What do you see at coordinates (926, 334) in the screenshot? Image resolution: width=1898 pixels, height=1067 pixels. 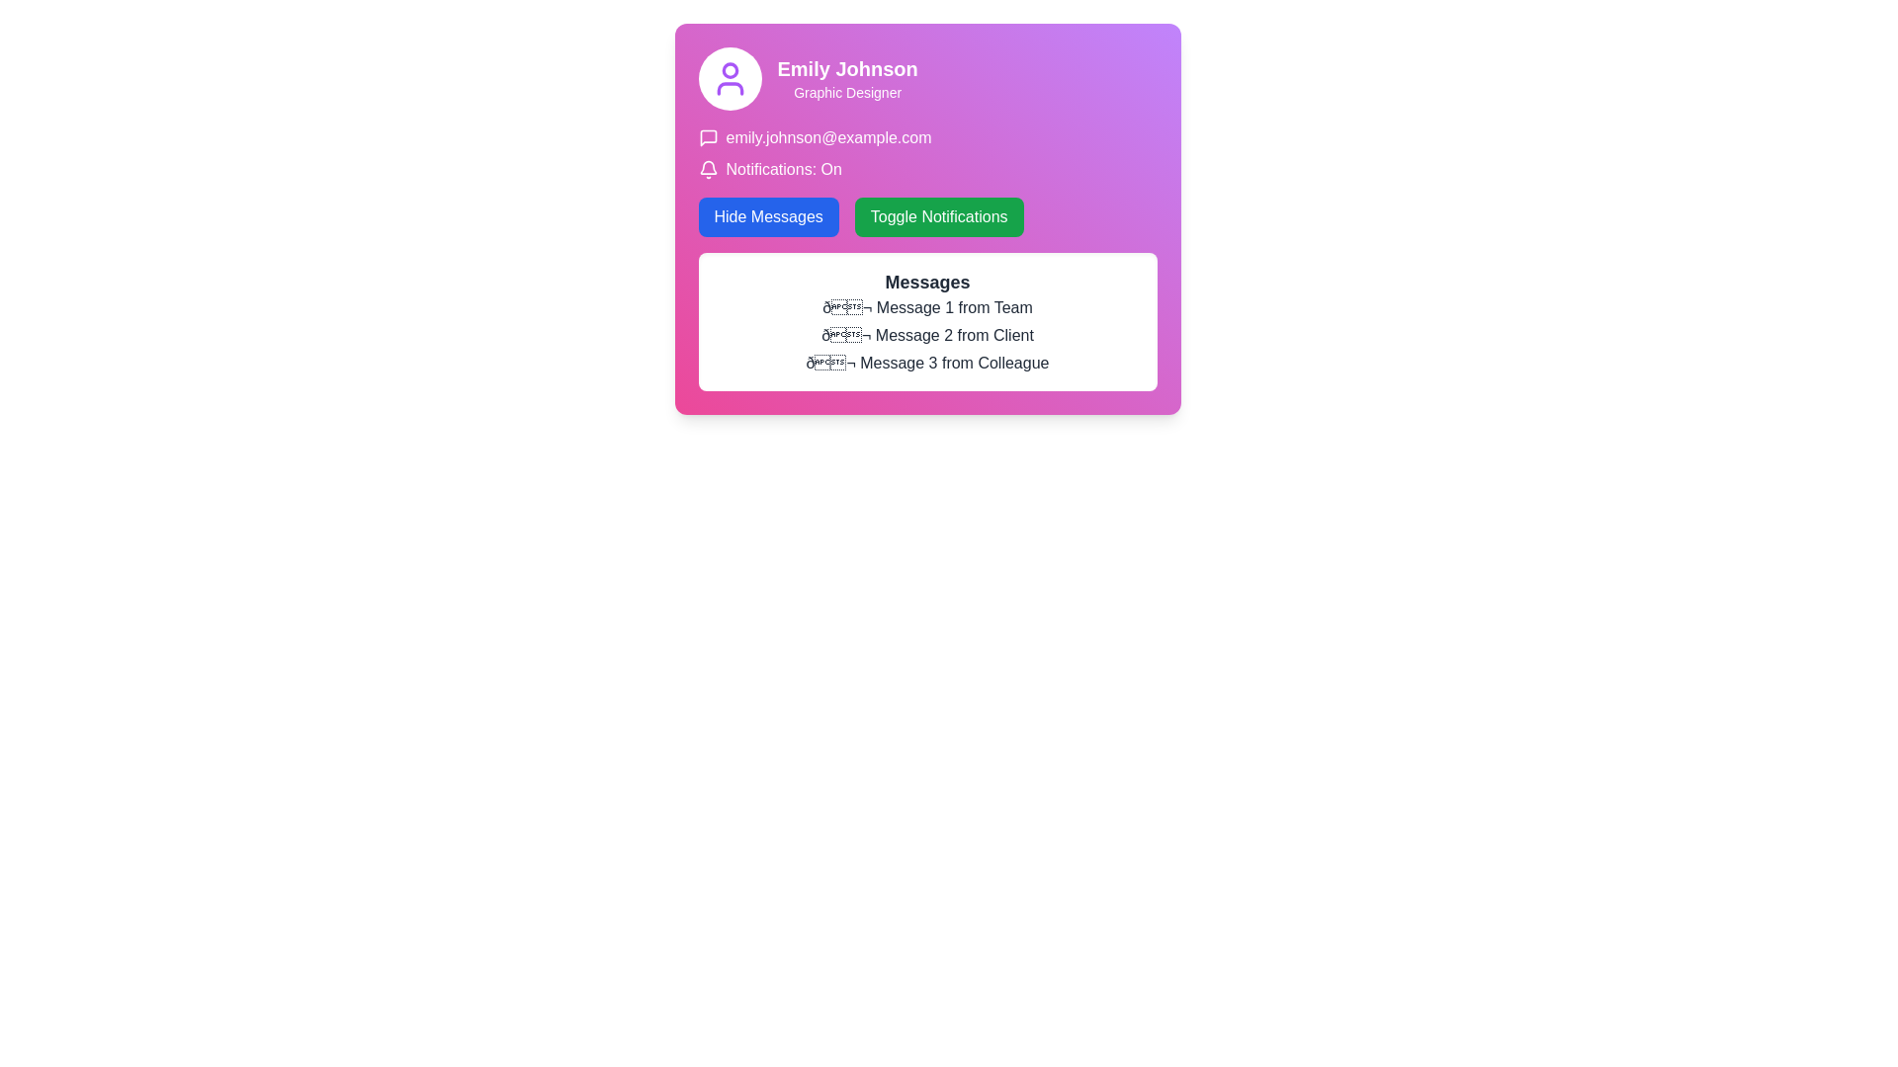 I see `the content of the messages displayed in the text section titled 'Messages', which includes multiple lines of text with envelope emojis` at bounding box center [926, 334].